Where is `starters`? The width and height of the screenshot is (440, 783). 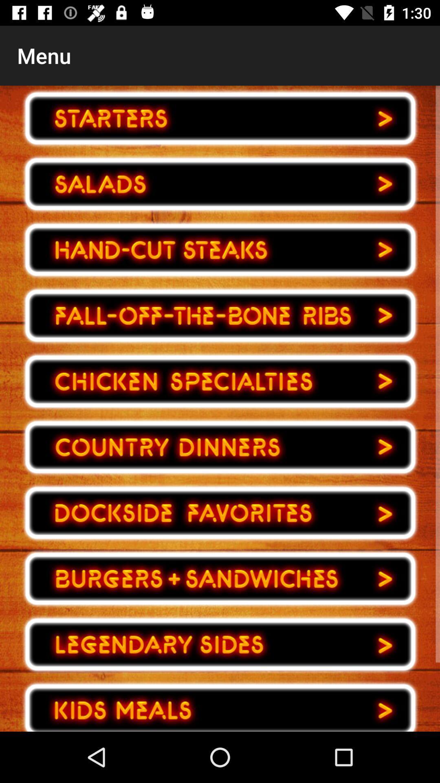
starters is located at coordinates (220, 118).